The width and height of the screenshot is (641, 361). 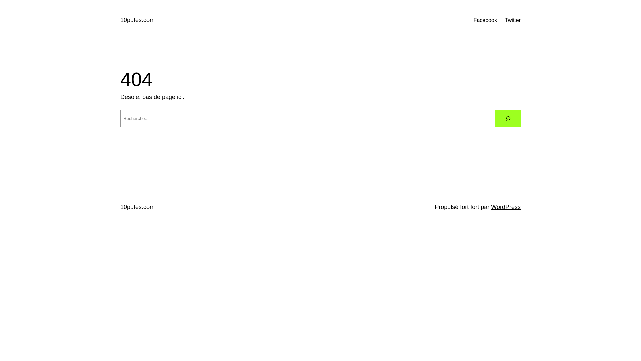 What do you see at coordinates (512, 20) in the screenshot?
I see `'Twitter'` at bounding box center [512, 20].